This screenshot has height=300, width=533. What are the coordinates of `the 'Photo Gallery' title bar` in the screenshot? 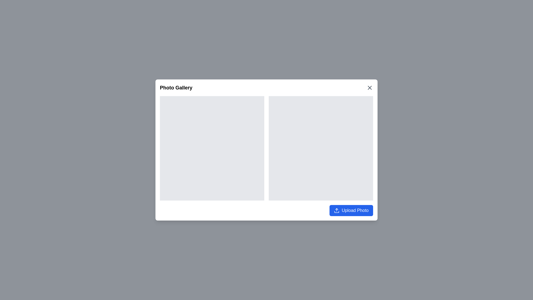 It's located at (266, 87).